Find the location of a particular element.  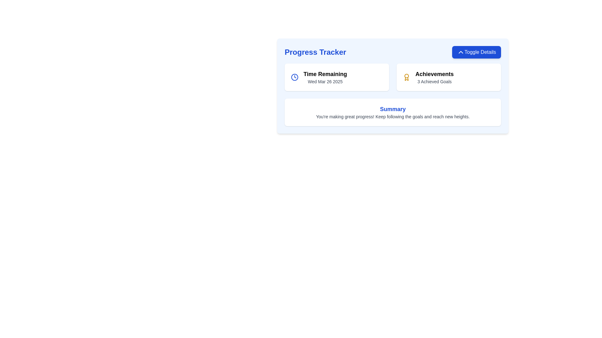

the decorative SVG circle representing the clock's face, outlined with a bold blue line, located in the top-left card of the 'Progress Tracker' section is located at coordinates (294, 77).